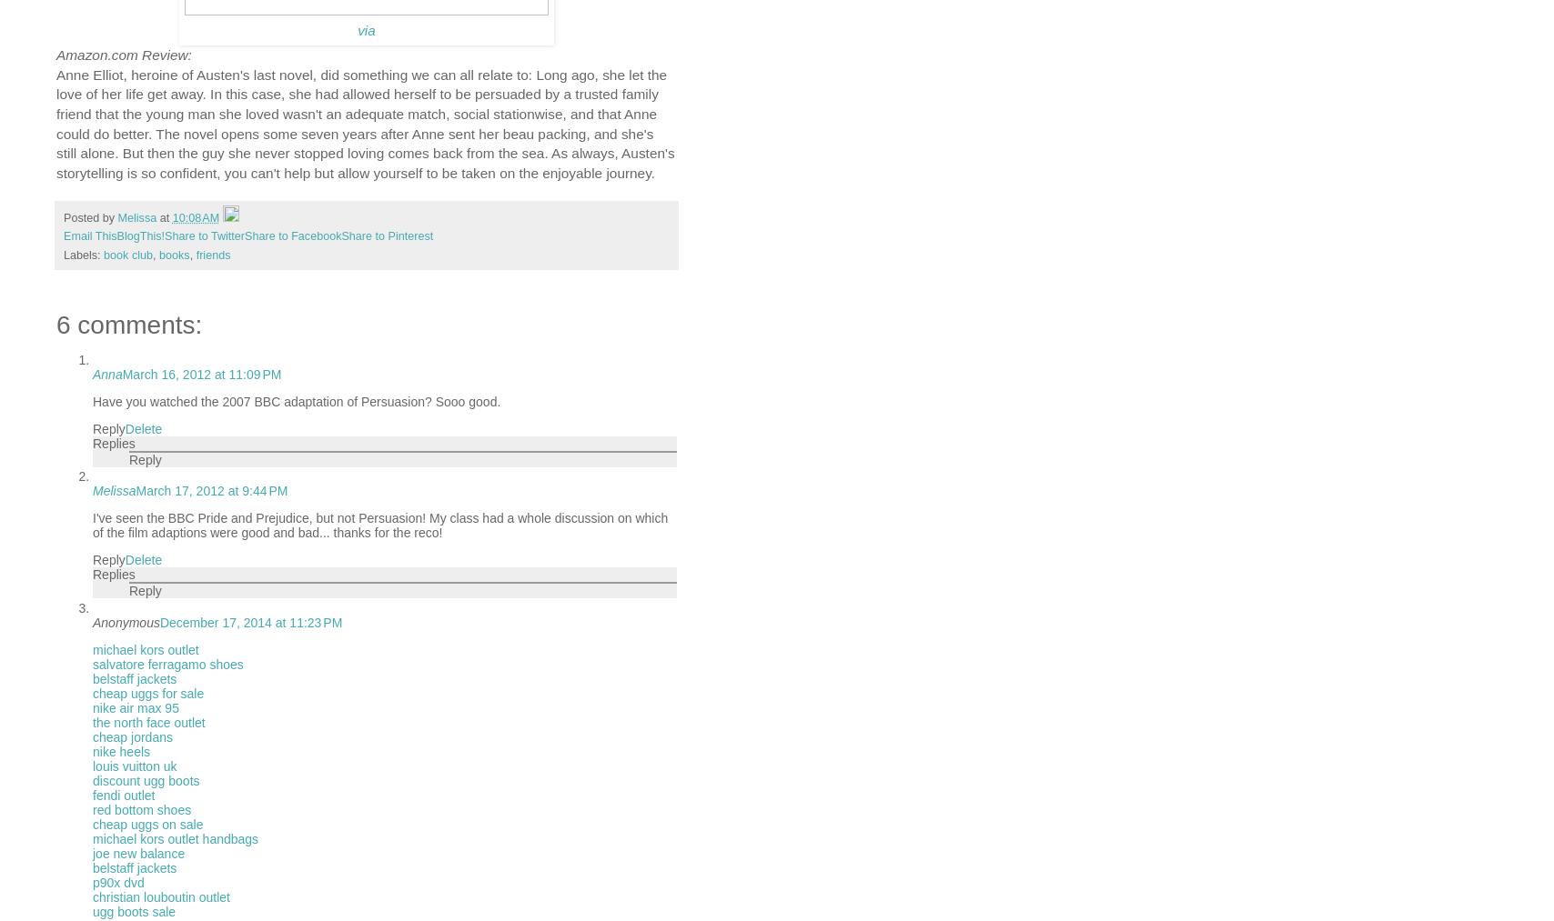 This screenshot has height=921, width=1554. Describe the element at coordinates (176, 839) in the screenshot. I see `'michael kors outlet handbags'` at that location.